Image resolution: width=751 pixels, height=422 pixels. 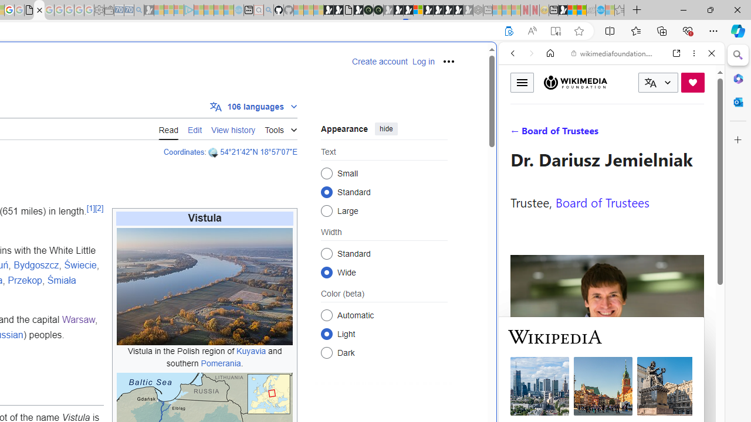 I want to click on 'Read', so click(x=168, y=128).